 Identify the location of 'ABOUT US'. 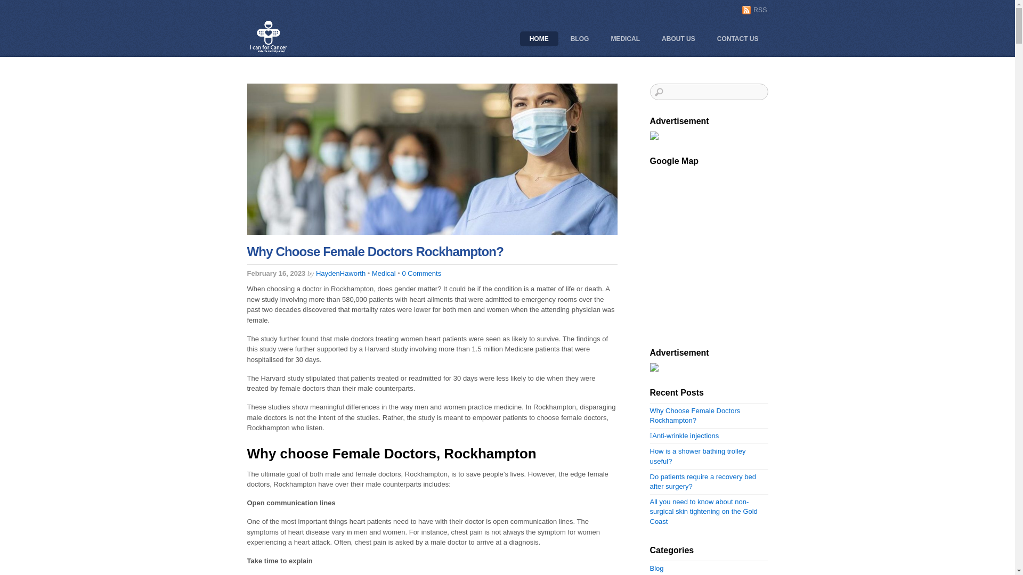
(678, 38).